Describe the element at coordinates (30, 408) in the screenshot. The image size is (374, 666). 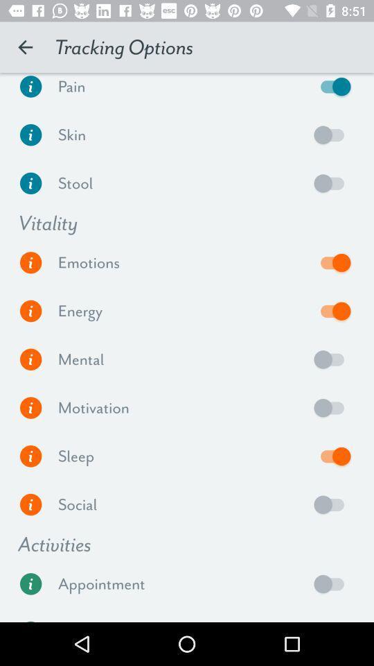
I see `see more details` at that location.